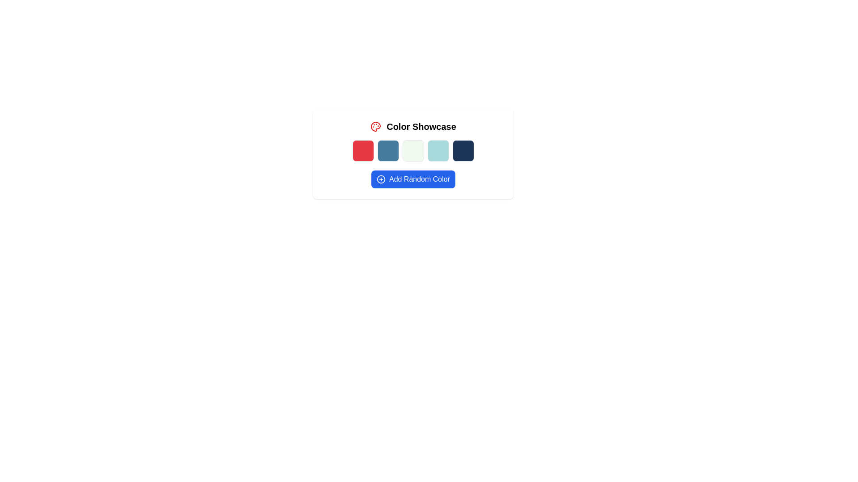 The height and width of the screenshot is (482, 858). What do you see at coordinates (388, 150) in the screenshot?
I see `the square-shaped static visual element with rounded corners, styled in deep blue color, located in the second column of the grid below 'Color Showcase' and above 'Add Random Color'` at bounding box center [388, 150].